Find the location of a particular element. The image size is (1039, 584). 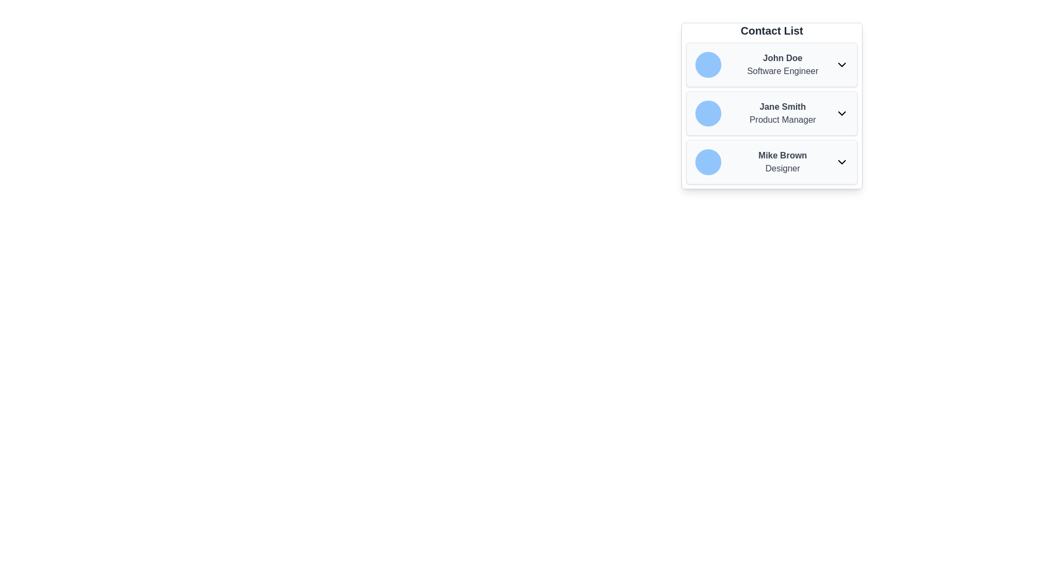

text content of the Text Label displaying 'Designer', which is located below 'Mike Brown' in the third entry of a contact list is located at coordinates (782, 169).